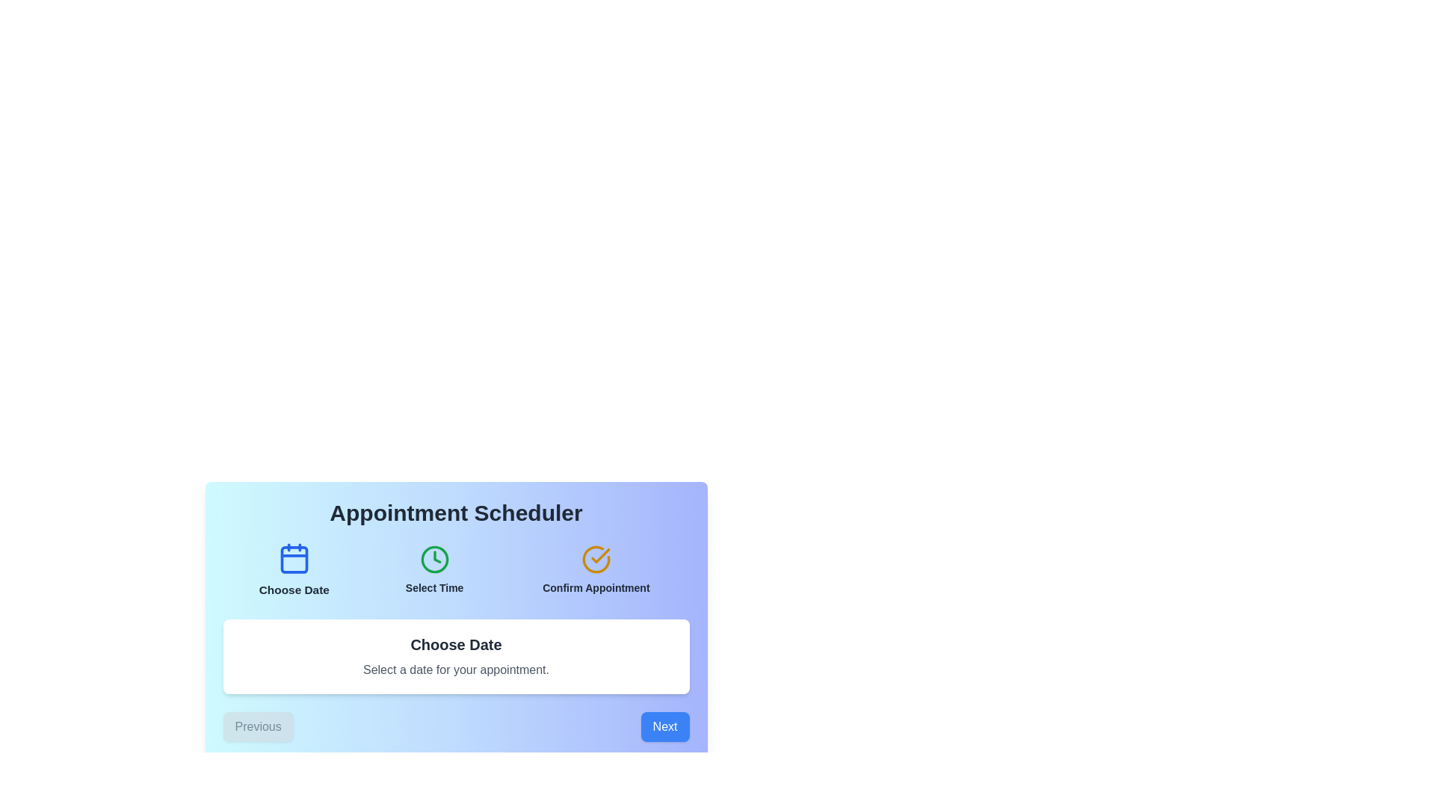 The image size is (1435, 807). What do you see at coordinates (258, 726) in the screenshot?
I see `the Previous button to navigate the appointment scheduler` at bounding box center [258, 726].